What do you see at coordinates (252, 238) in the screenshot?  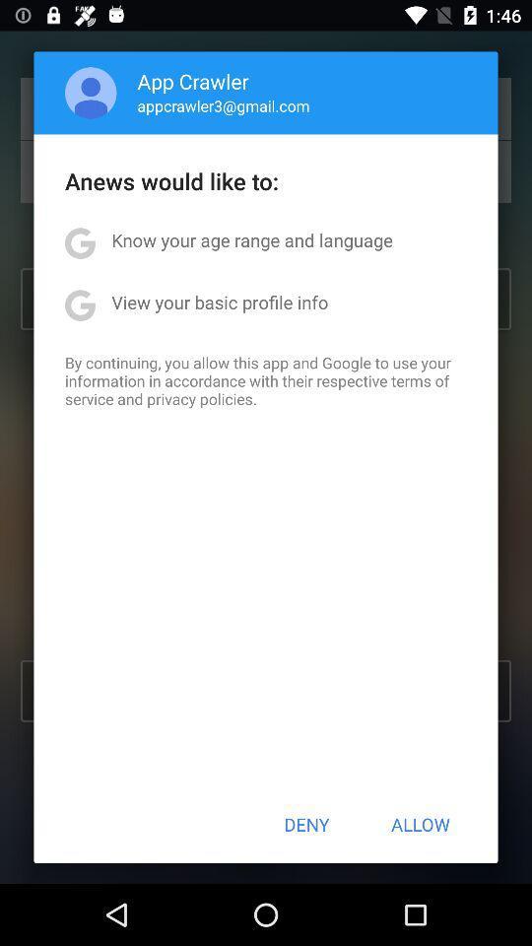 I see `the know your age` at bounding box center [252, 238].